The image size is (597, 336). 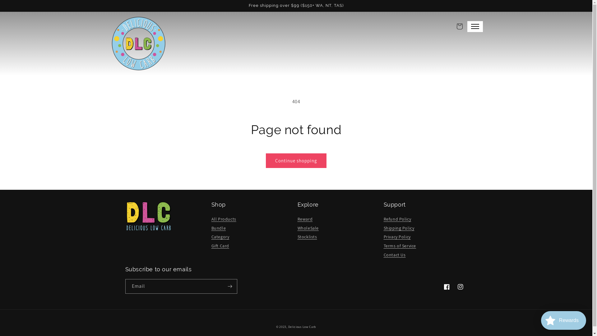 I want to click on 'Shipping Policy', so click(x=383, y=228).